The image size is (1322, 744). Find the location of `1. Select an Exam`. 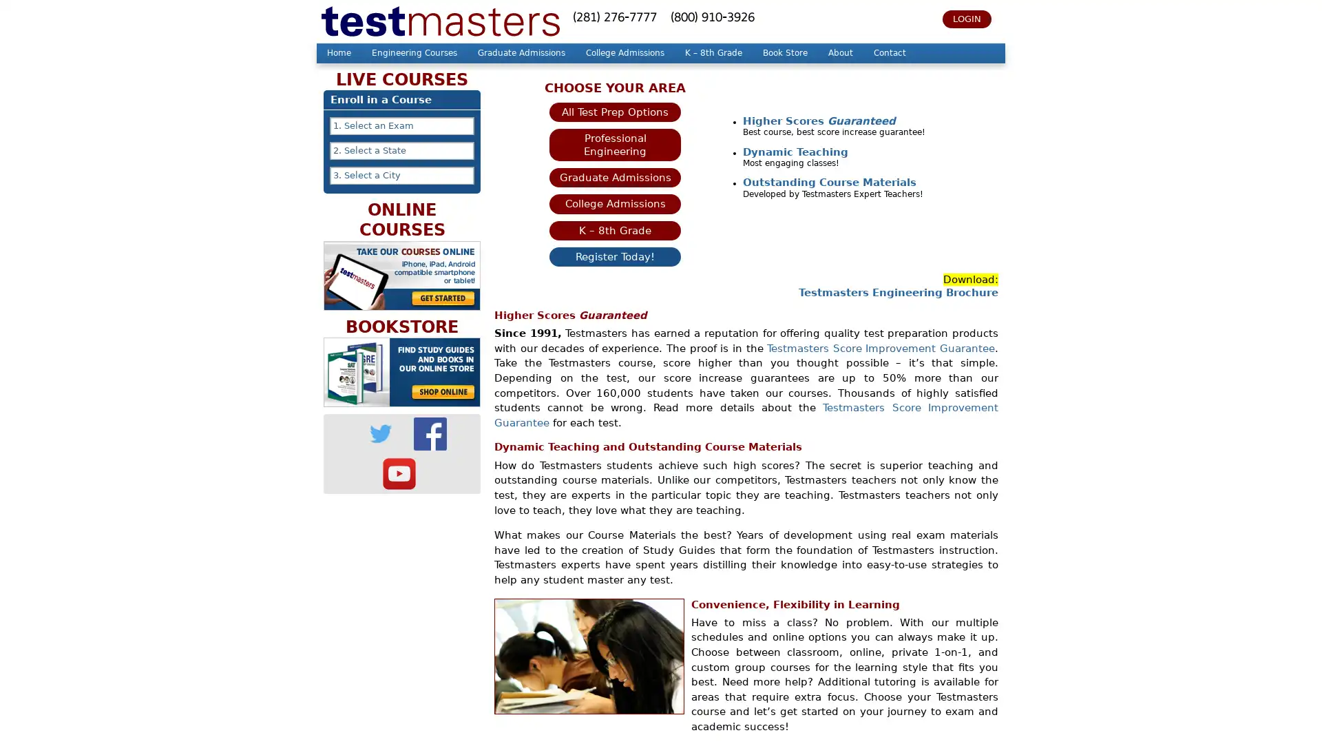

1. Select an Exam is located at coordinates (401, 125).